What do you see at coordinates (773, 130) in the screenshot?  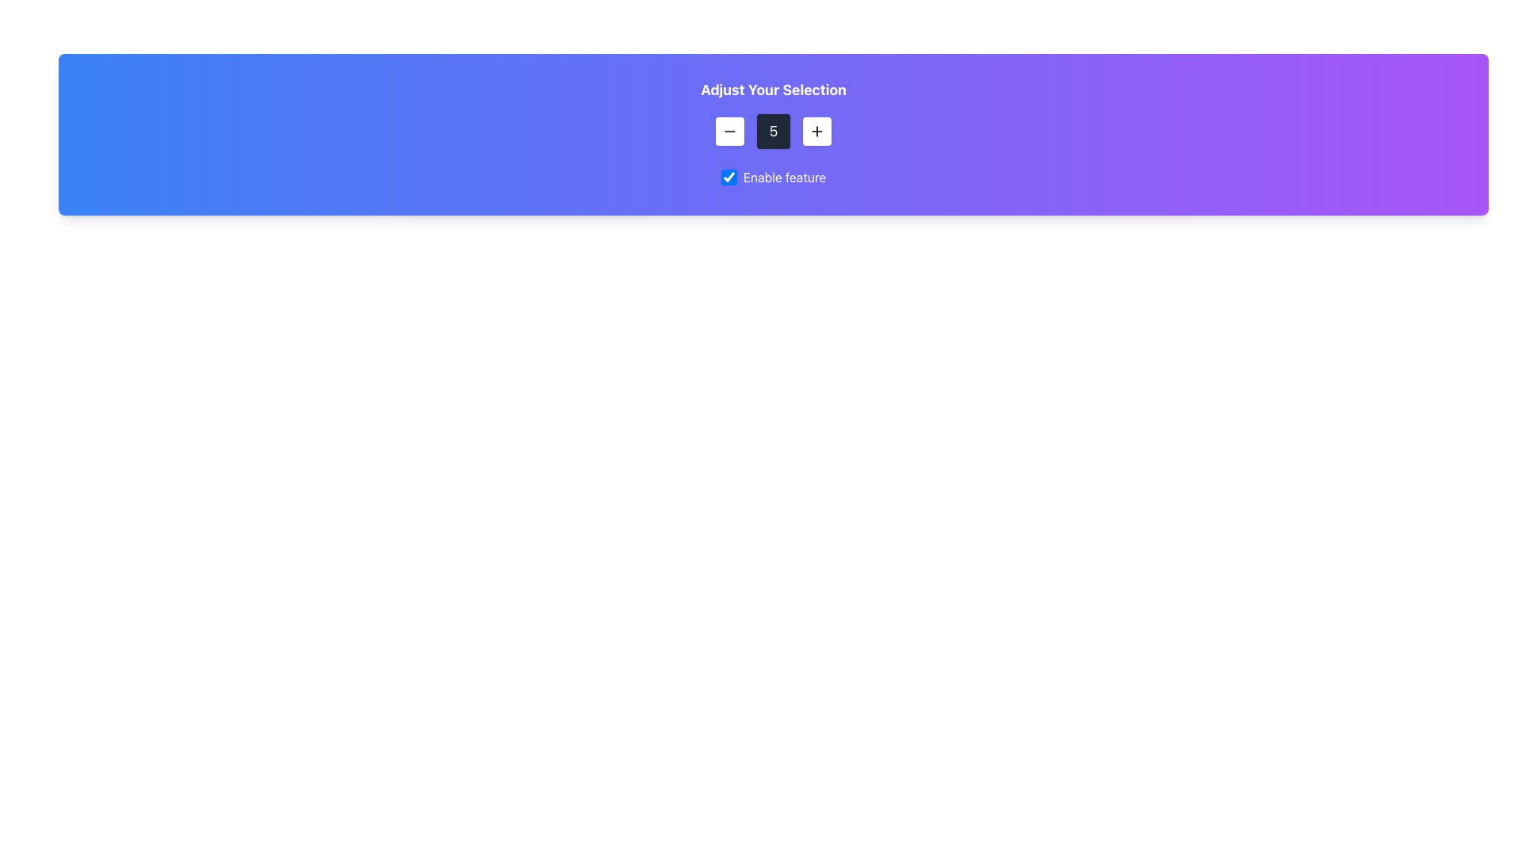 I see `the Display button labeled '5', which is centrally positioned under 'Adjust Your Selection', between the '+' and '-' buttons` at bounding box center [773, 130].